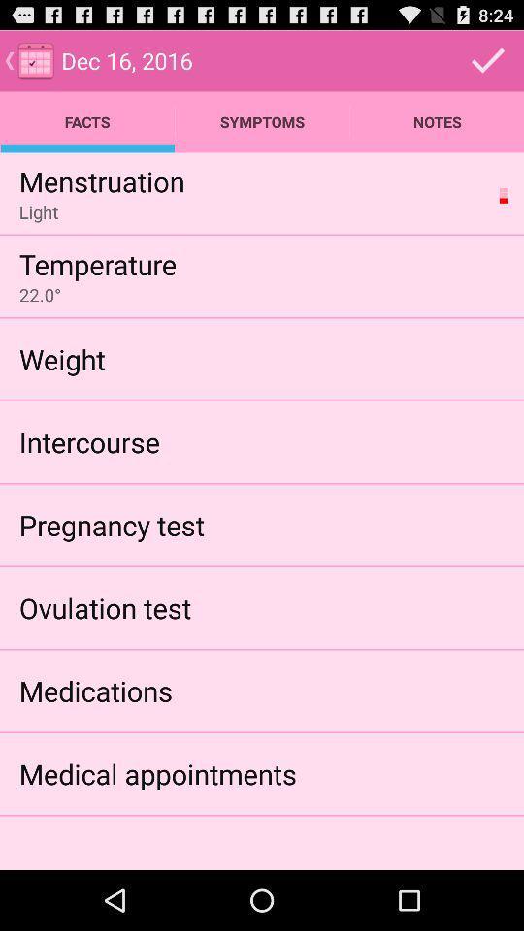  What do you see at coordinates (40, 295) in the screenshot?
I see `the app below the temperature icon` at bounding box center [40, 295].